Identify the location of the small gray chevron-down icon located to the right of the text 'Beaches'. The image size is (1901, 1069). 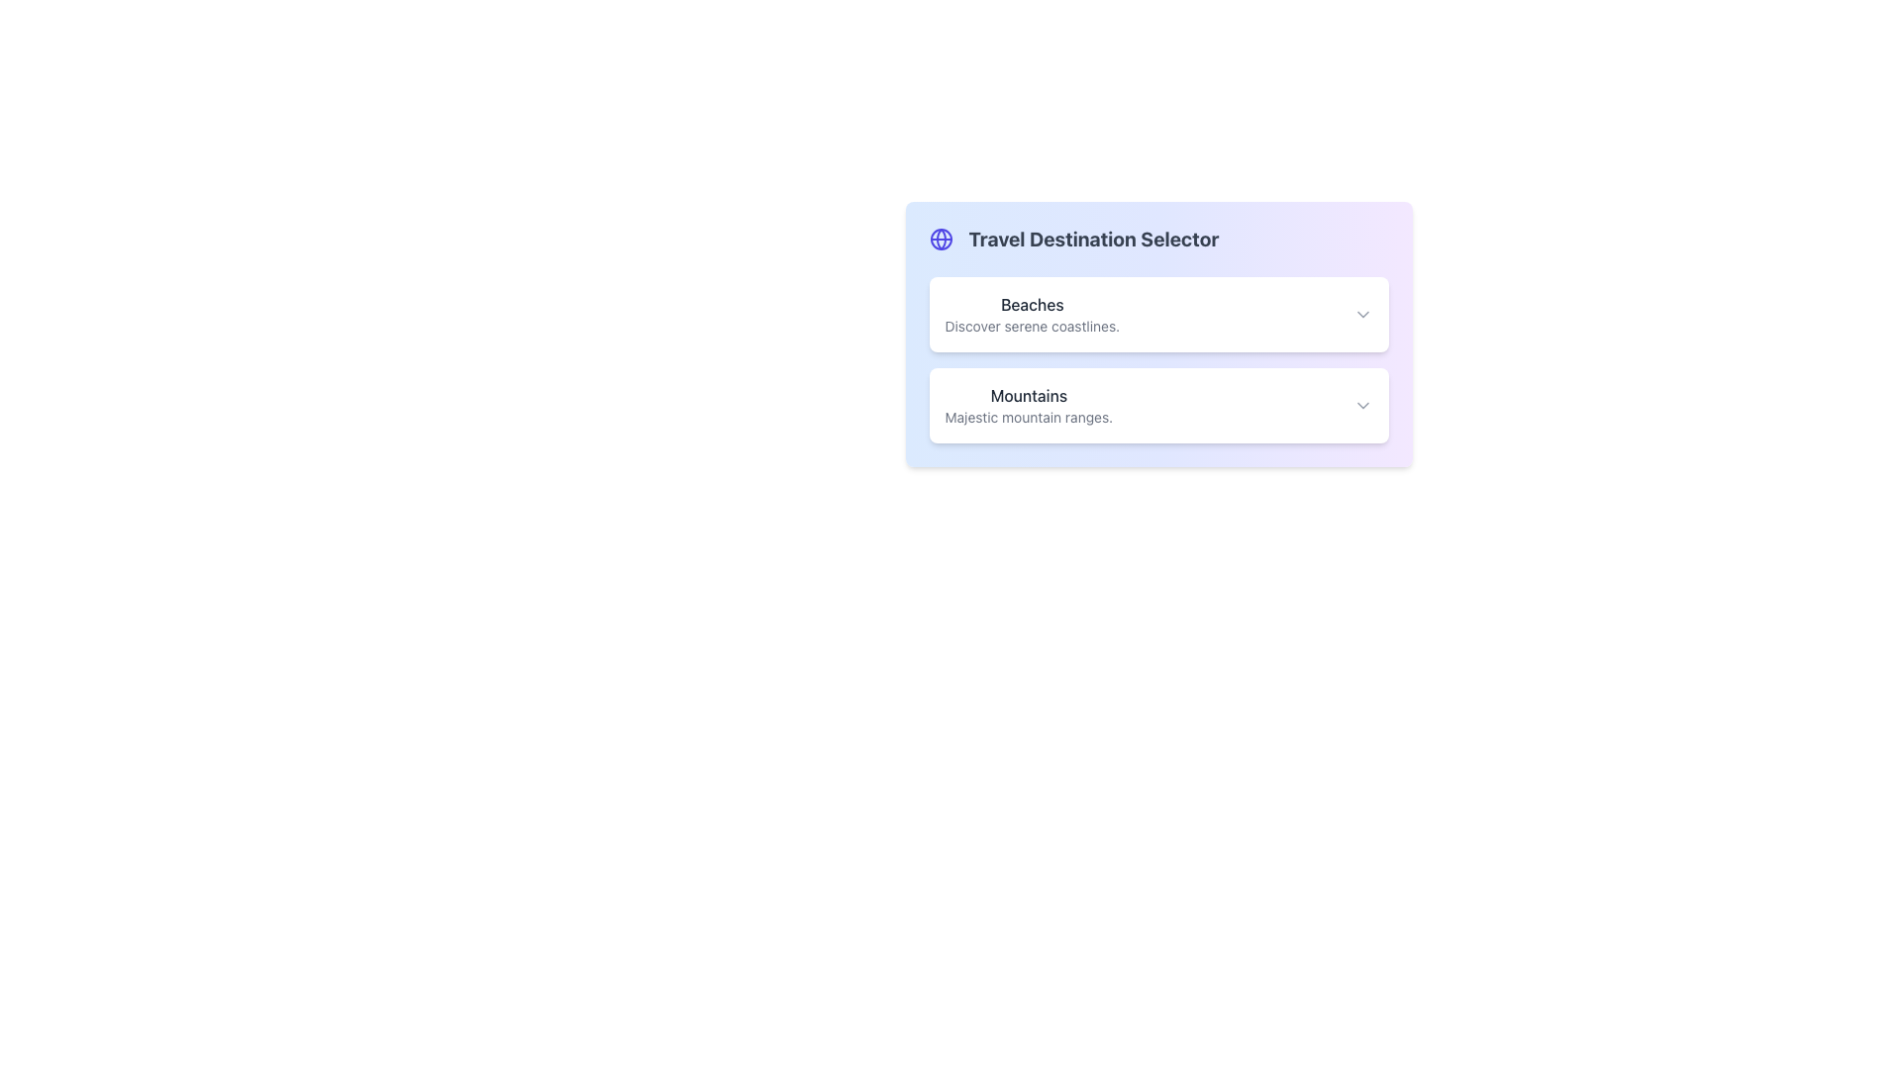
(1361, 313).